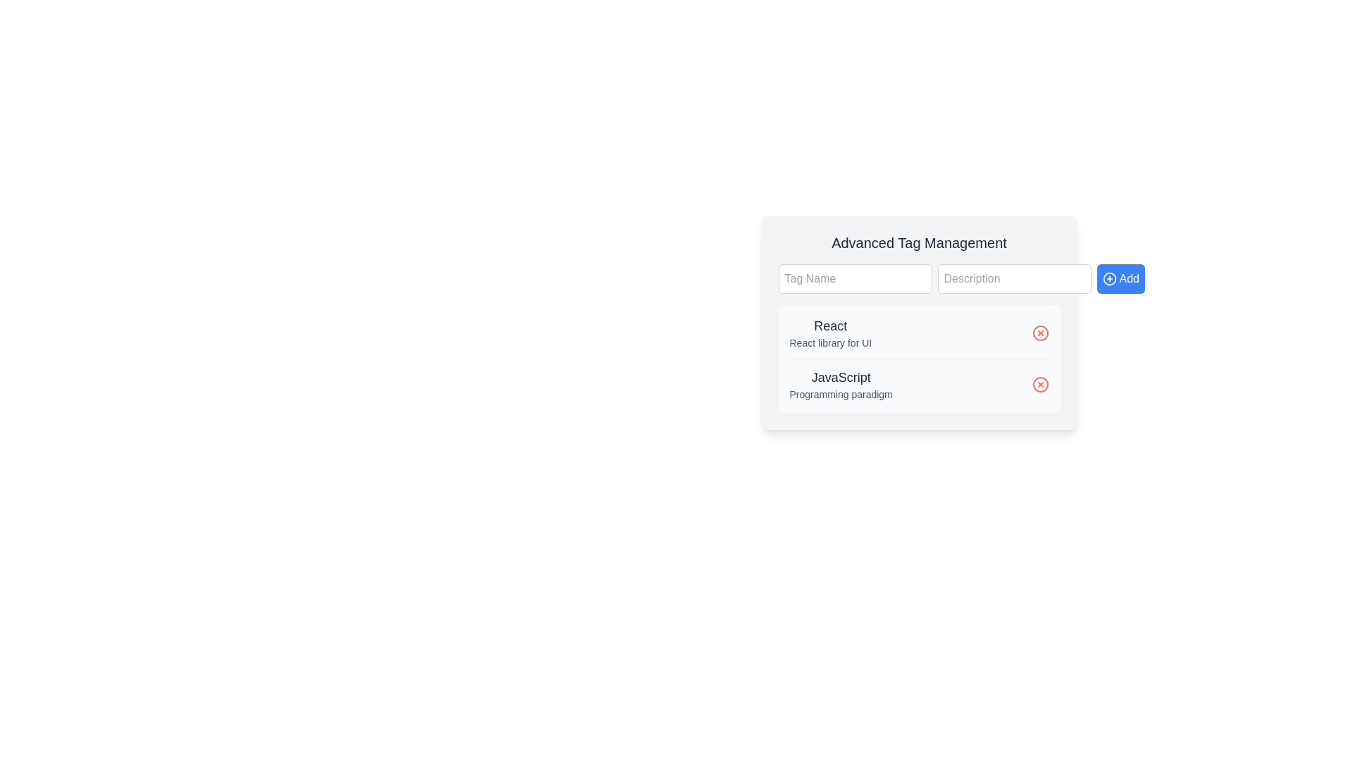 Image resolution: width=1353 pixels, height=761 pixels. What do you see at coordinates (919, 338) in the screenshot?
I see `the first entry in the 'Advanced Tag Management' list, which contains a removable action represented by a red 'X' icon` at bounding box center [919, 338].